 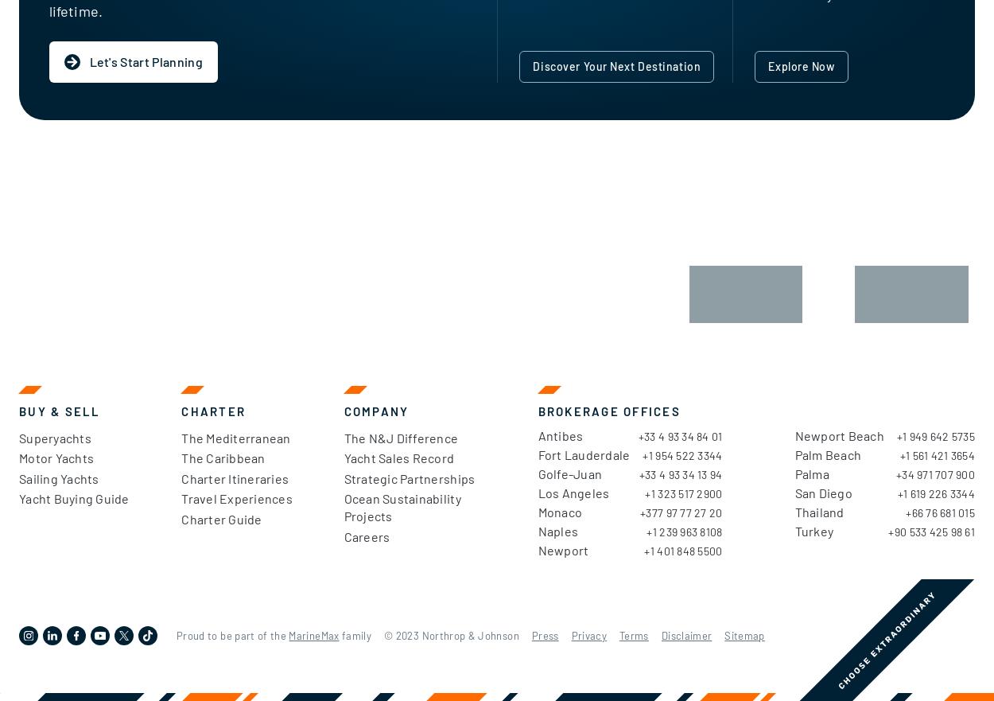 What do you see at coordinates (680, 511) in the screenshot?
I see `'+377 97 77 27 20'` at bounding box center [680, 511].